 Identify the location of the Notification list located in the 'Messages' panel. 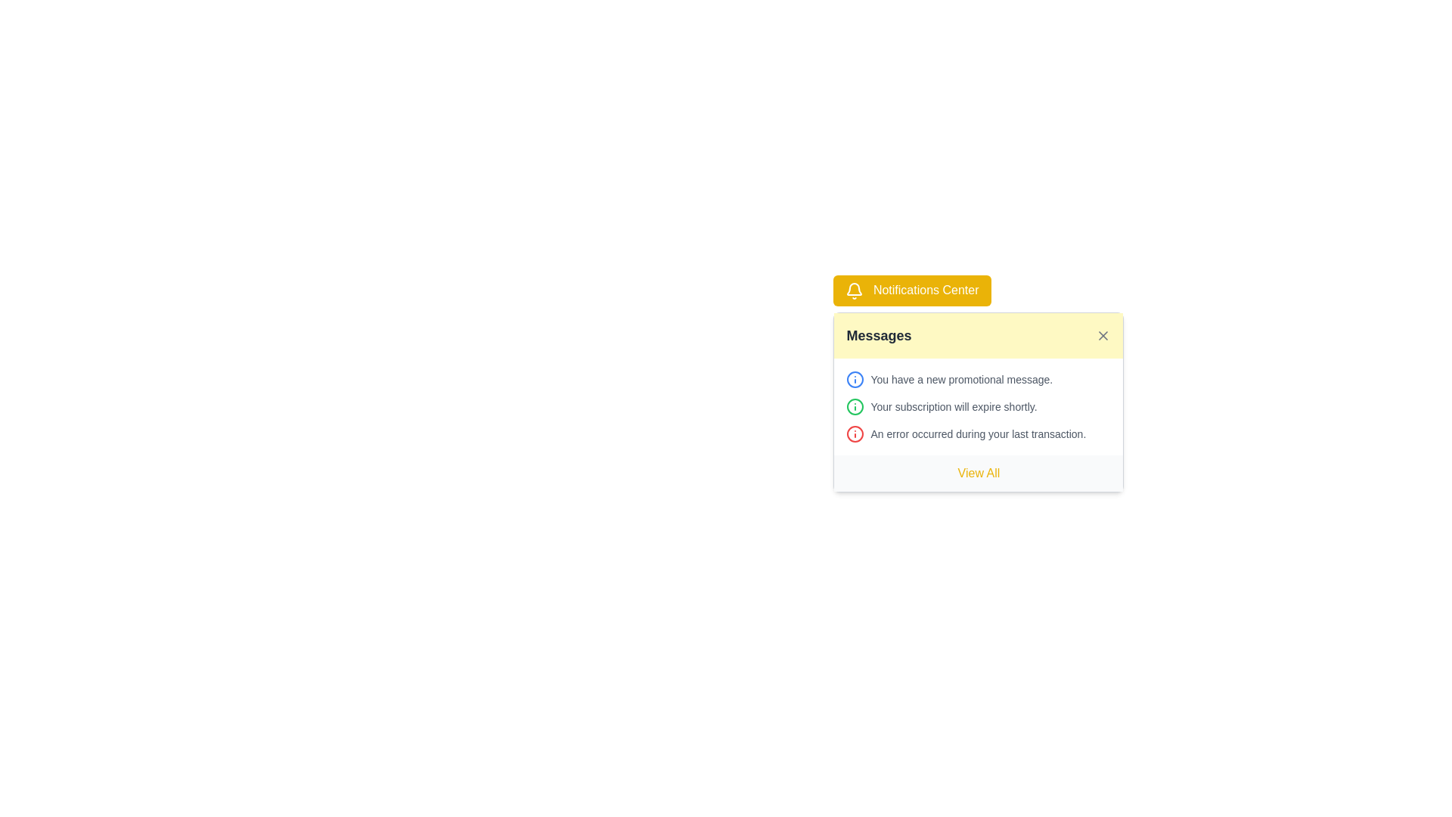
(979, 405).